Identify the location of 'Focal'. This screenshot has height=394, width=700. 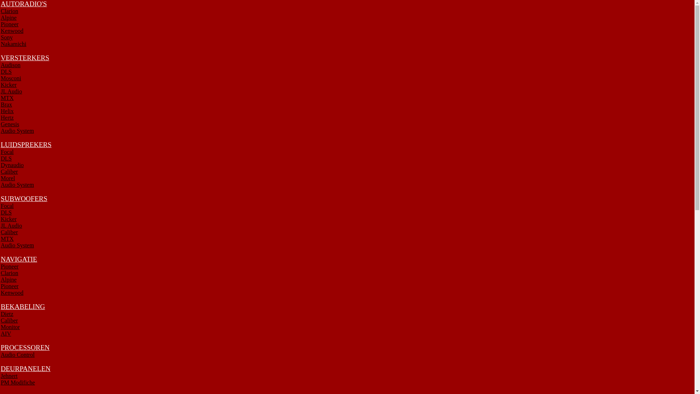
(7, 151).